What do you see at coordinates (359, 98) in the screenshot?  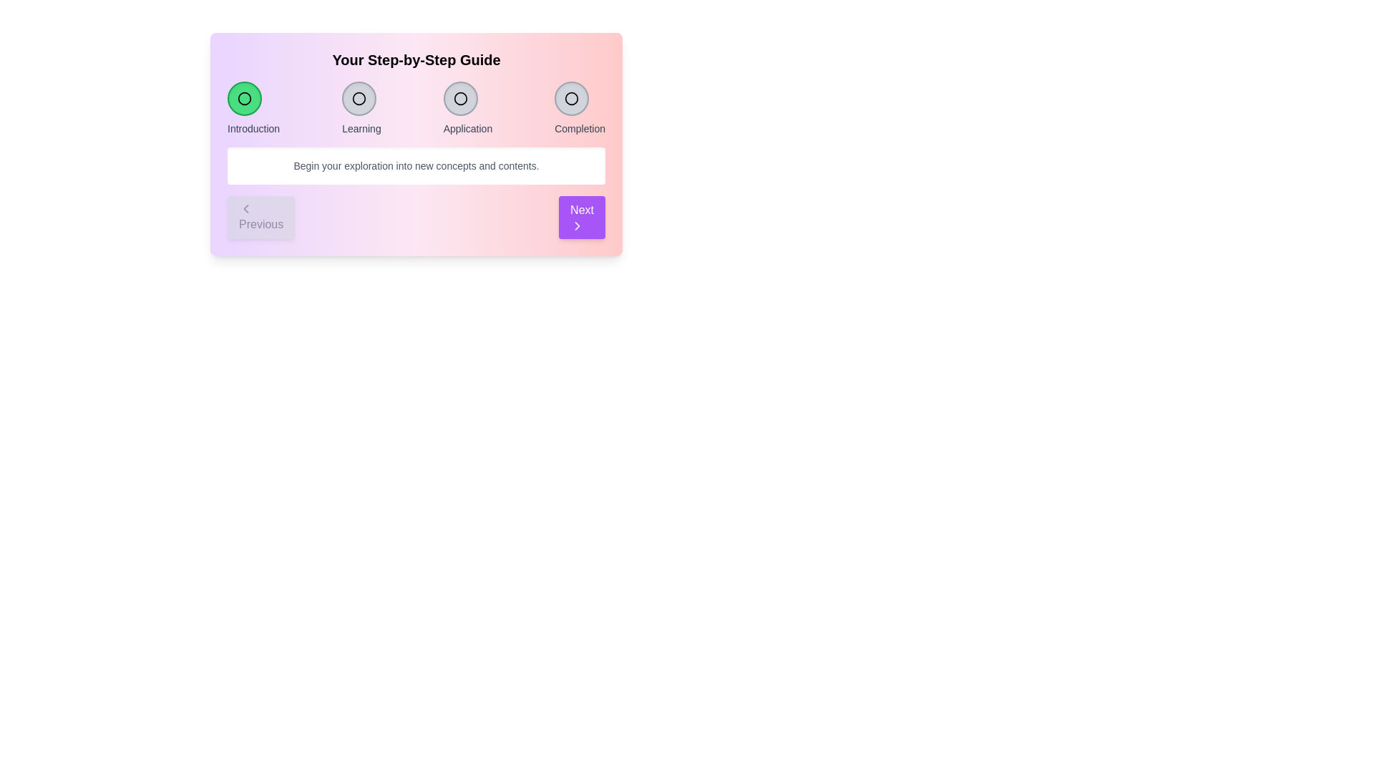 I see `the circular icon with a hollow center, which is the second icon in the sequence within the header section of the card, positioned between the green 'Introduction' icon and the 'Application' icon` at bounding box center [359, 98].